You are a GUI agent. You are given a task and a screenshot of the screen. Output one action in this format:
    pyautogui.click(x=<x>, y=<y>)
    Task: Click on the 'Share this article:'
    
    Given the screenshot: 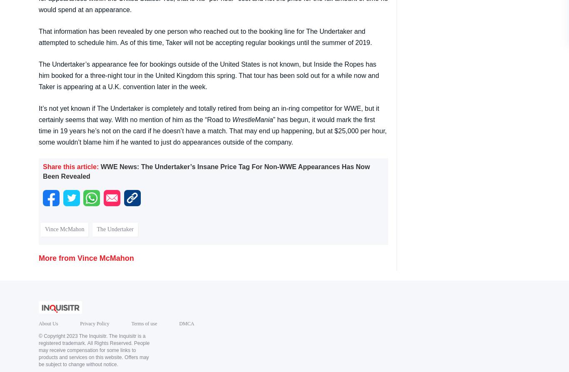 What is the action you would take?
    pyautogui.click(x=70, y=166)
    